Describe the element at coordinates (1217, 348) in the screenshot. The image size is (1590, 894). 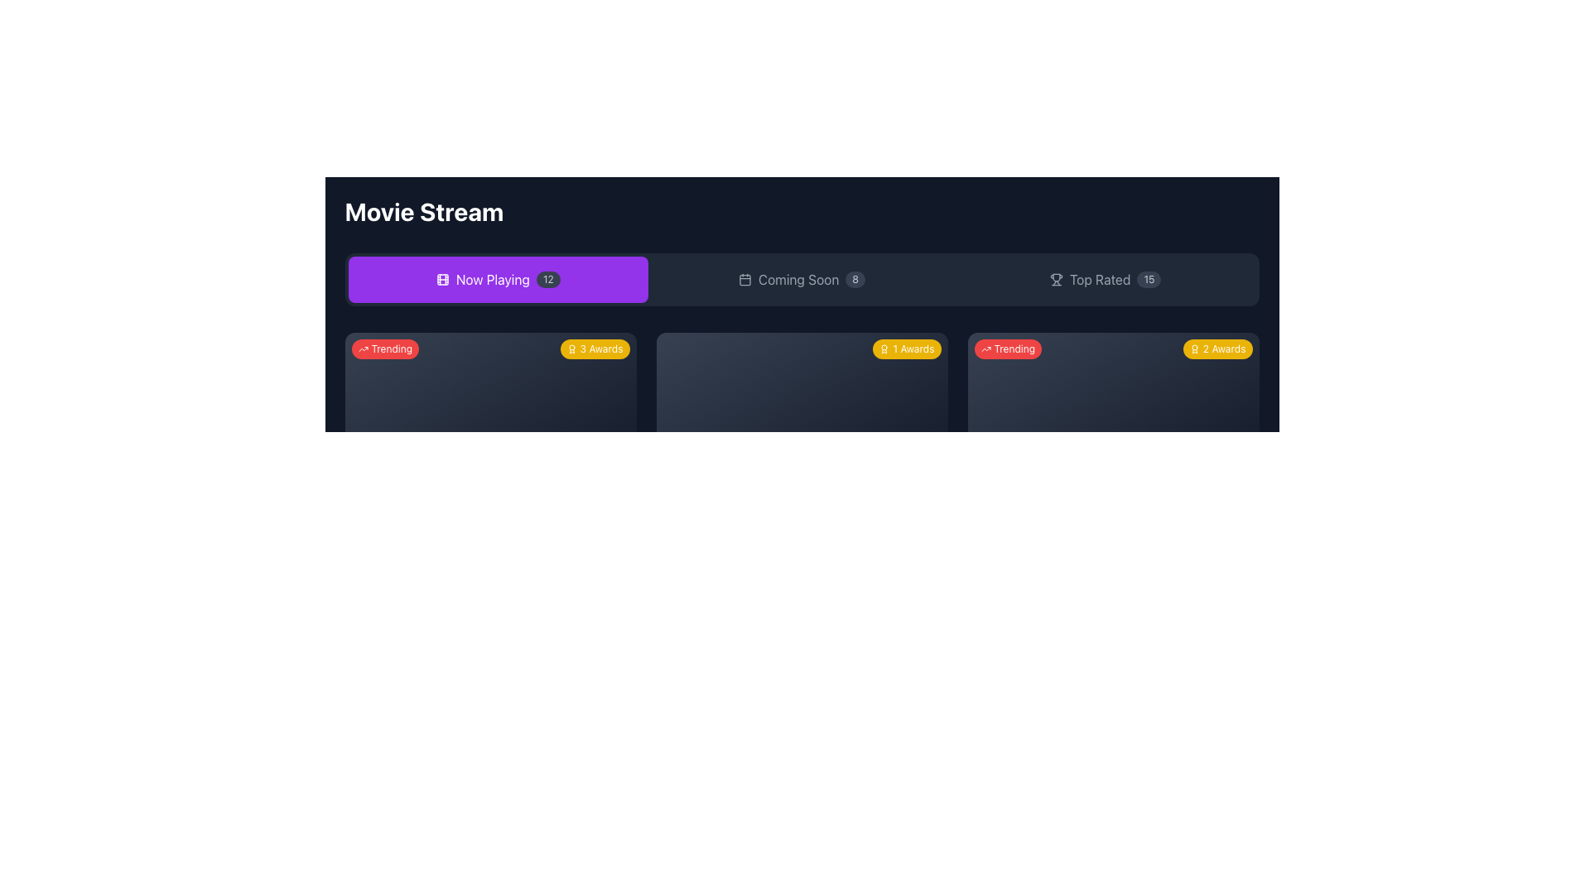
I see `the badge indicating that the associated item has received two awards, located in the top-right corner of the third card in a horizontal sequence` at that location.